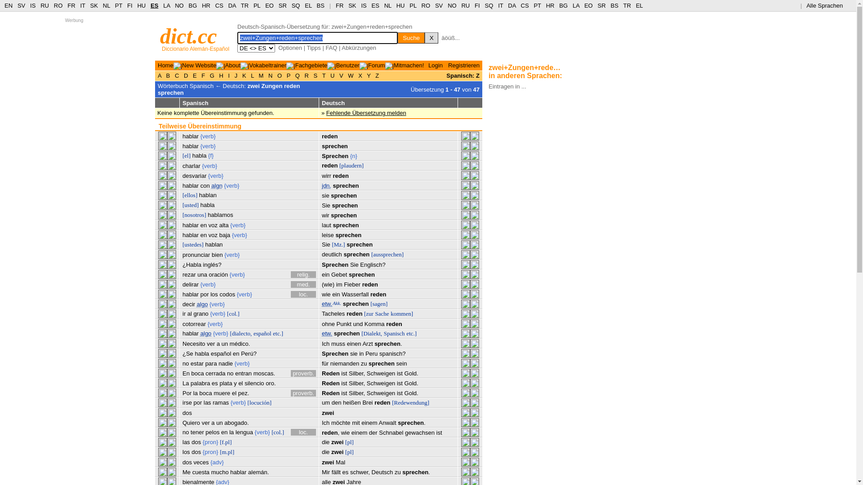 The height and width of the screenshot is (485, 863). Describe the element at coordinates (200, 75) in the screenshot. I see `'F'` at that location.